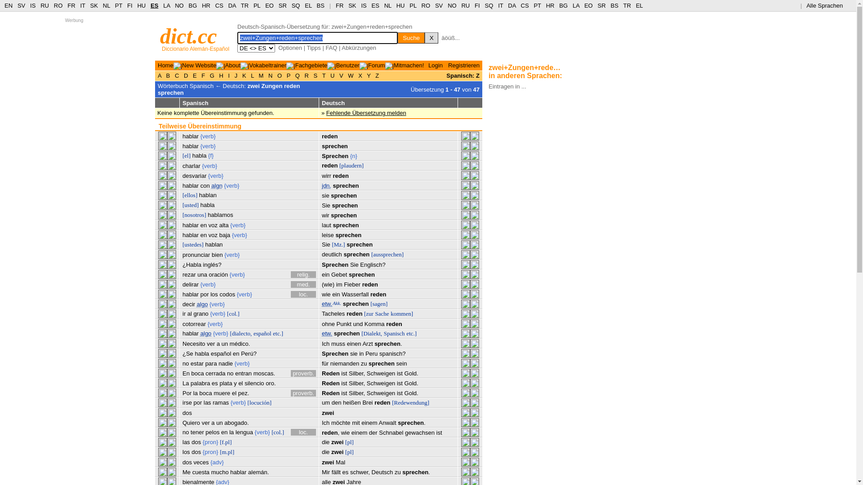 The height and width of the screenshot is (485, 863). Describe the element at coordinates (200, 75) in the screenshot. I see `'F'` at that location.